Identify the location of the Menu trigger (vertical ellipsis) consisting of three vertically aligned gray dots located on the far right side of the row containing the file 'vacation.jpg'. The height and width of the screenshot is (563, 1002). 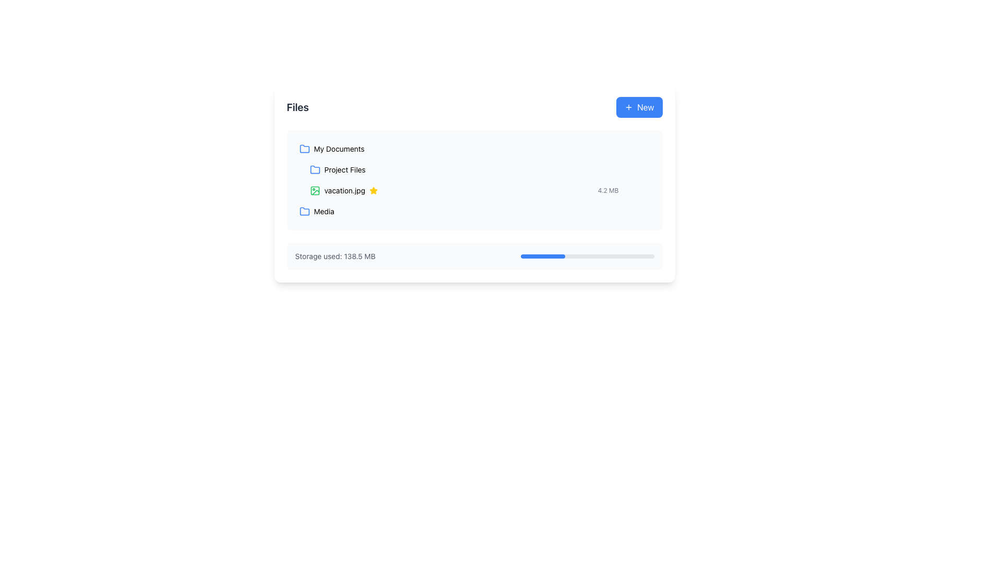
(643, 191).